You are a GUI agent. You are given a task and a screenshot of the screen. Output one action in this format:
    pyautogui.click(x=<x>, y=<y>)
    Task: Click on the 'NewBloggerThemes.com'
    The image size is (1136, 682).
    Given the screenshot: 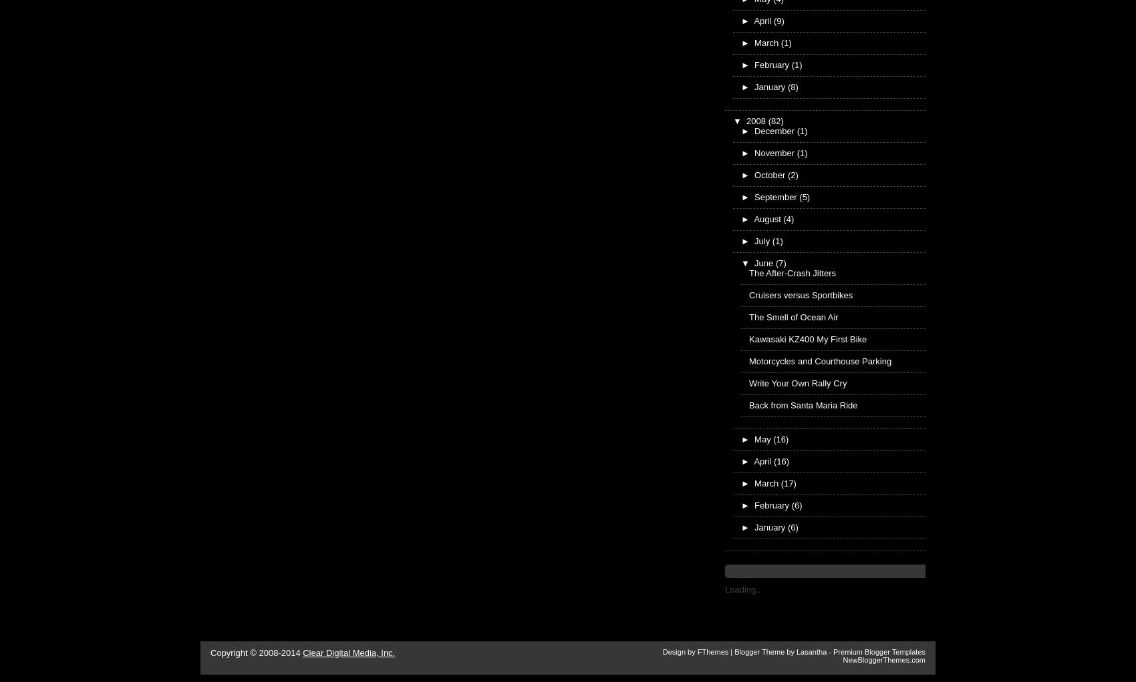 What is the action you would take?
    pyautogui.click(x=842, y=659)
    